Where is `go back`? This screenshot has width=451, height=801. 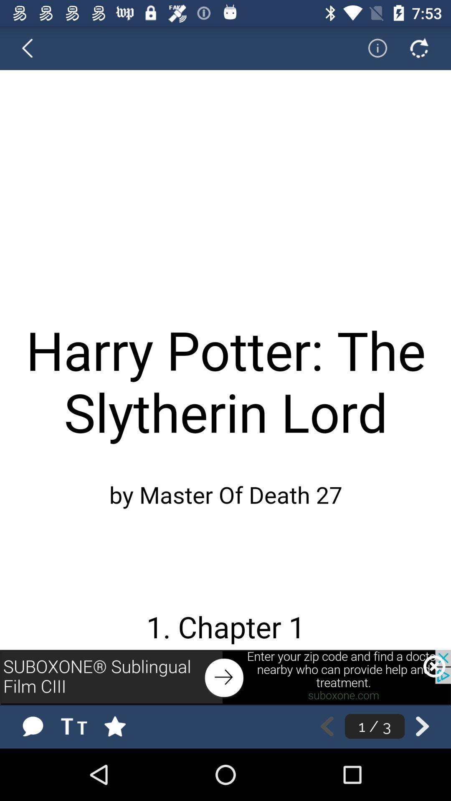 go back is located at coordinates (419, 48).